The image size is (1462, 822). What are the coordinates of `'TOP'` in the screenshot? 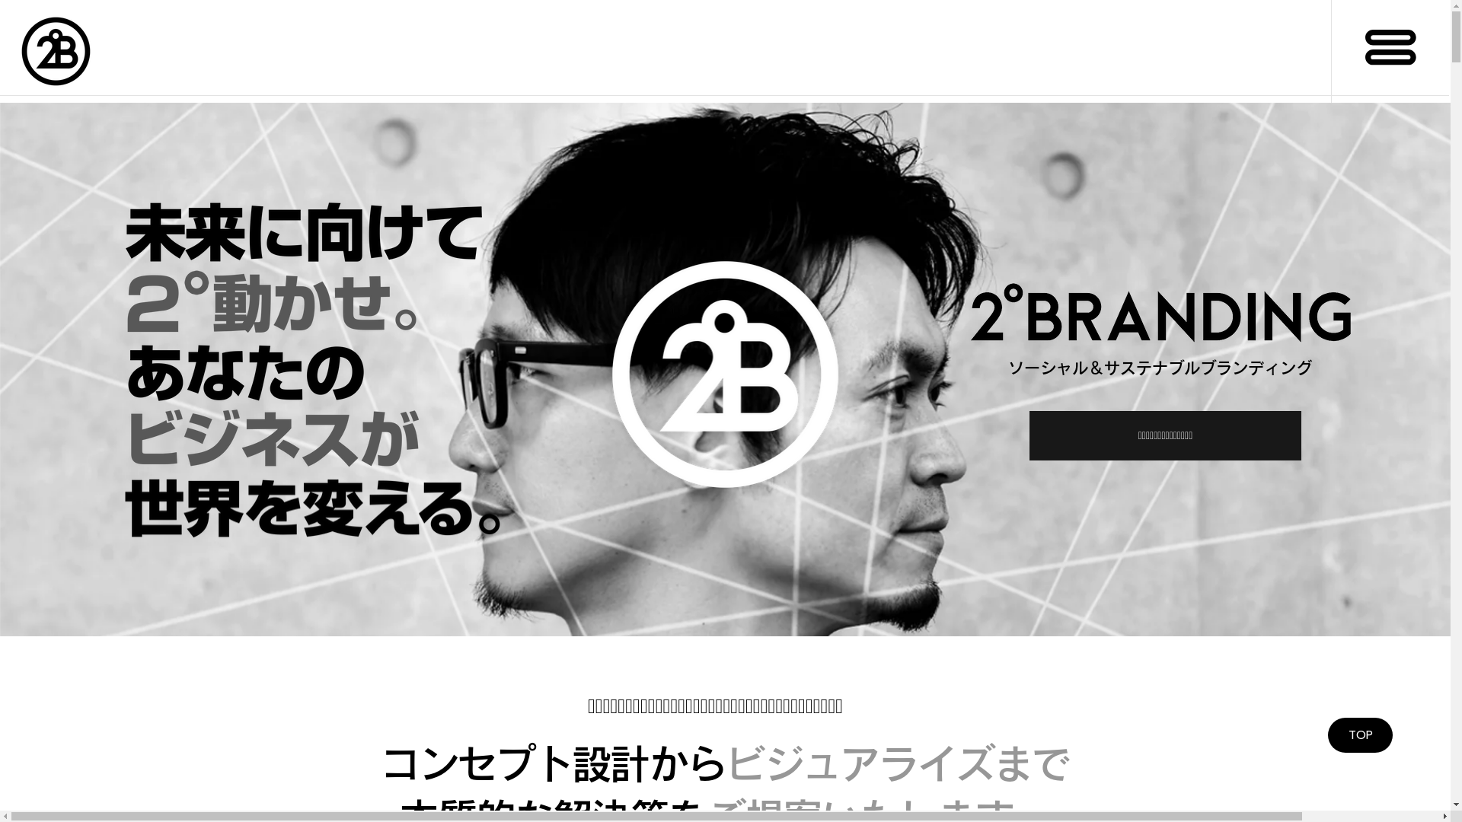 It's located at (1326, 734).